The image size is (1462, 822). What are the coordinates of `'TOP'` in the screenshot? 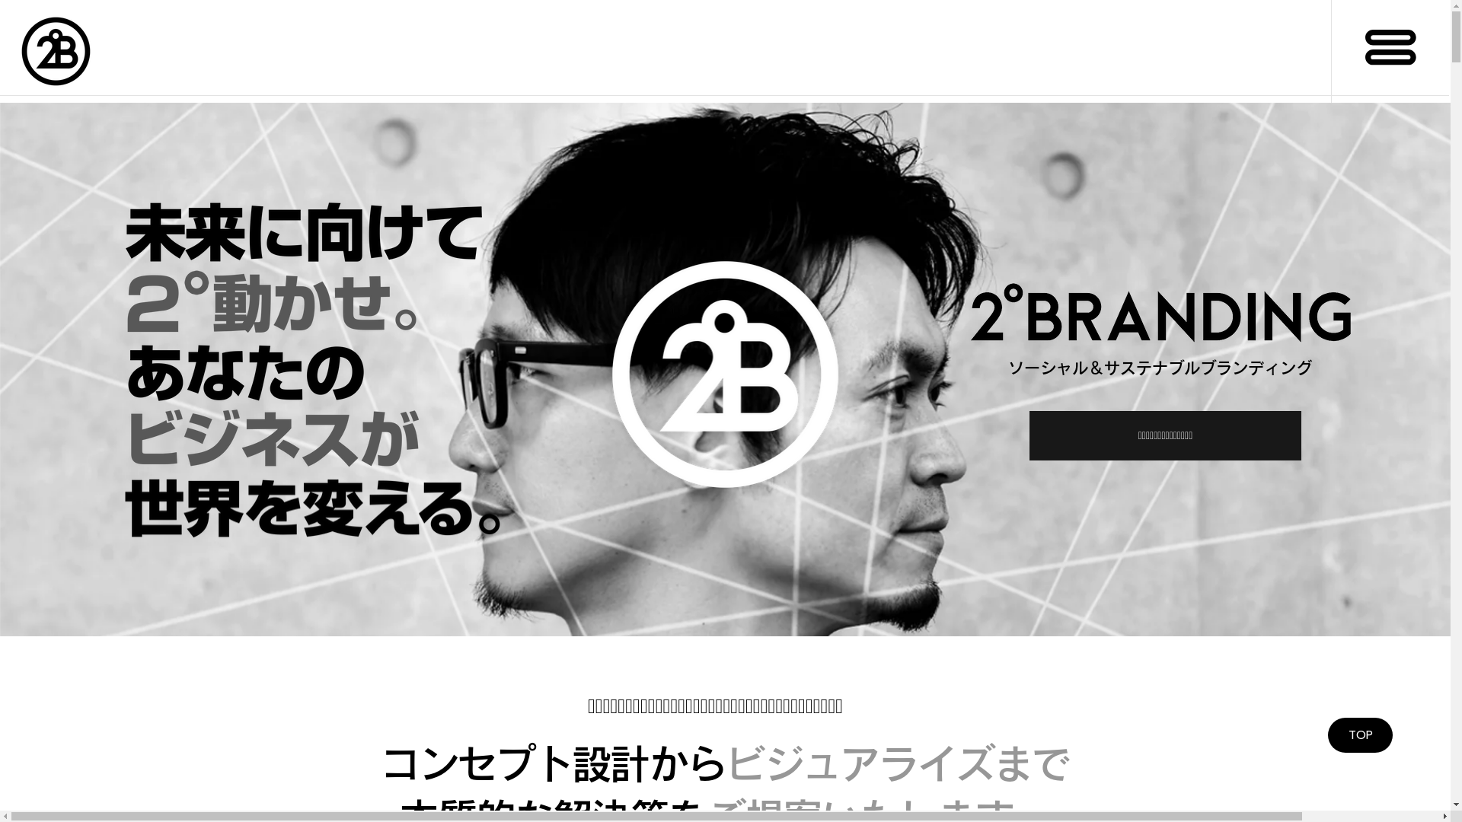 It's located at (1326, 734).